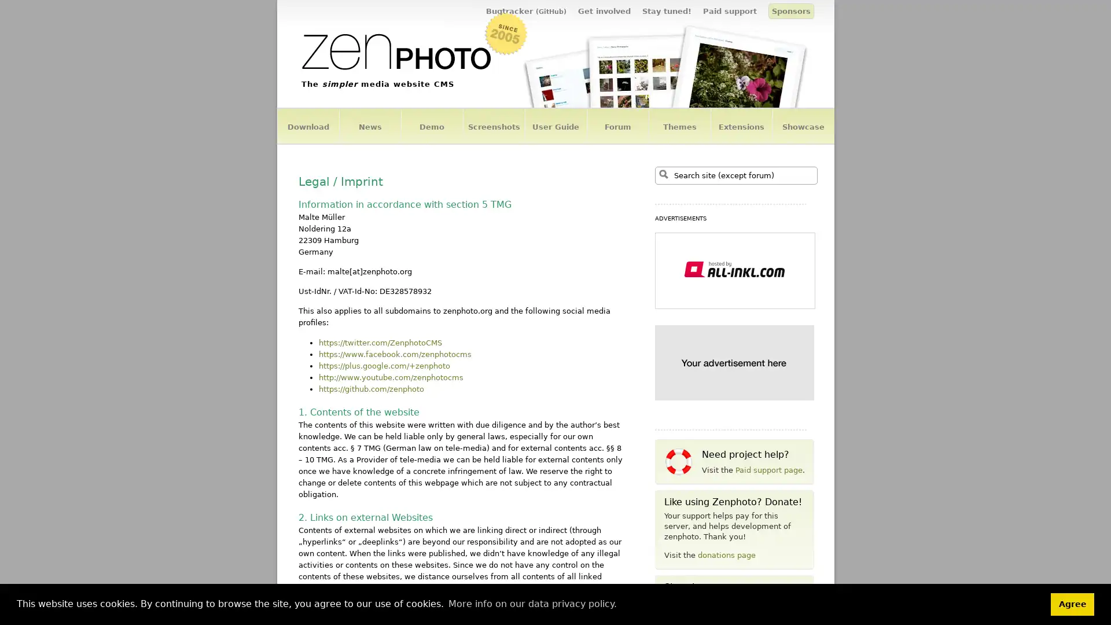 This screenshot has height=625, width=1111. What do you see at coordinates (532, 604) in the screenshot?
I see `learn more about cookies` at bounding box center [532, 604].